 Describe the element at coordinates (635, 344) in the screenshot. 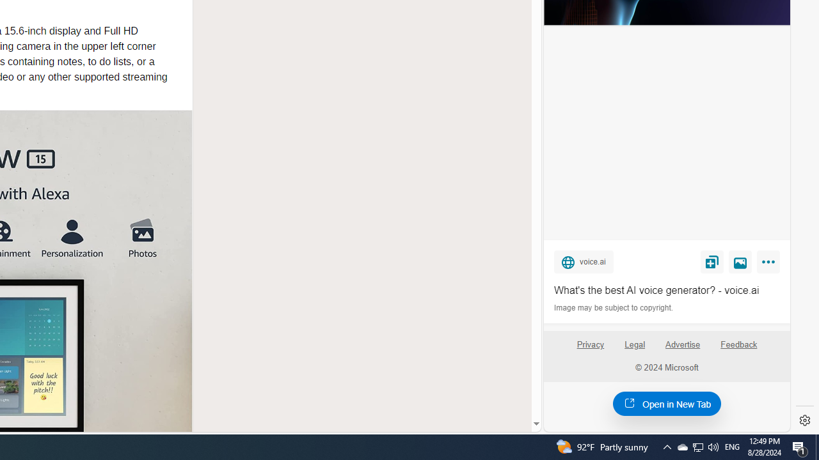

I see `'Legal'` at that location.